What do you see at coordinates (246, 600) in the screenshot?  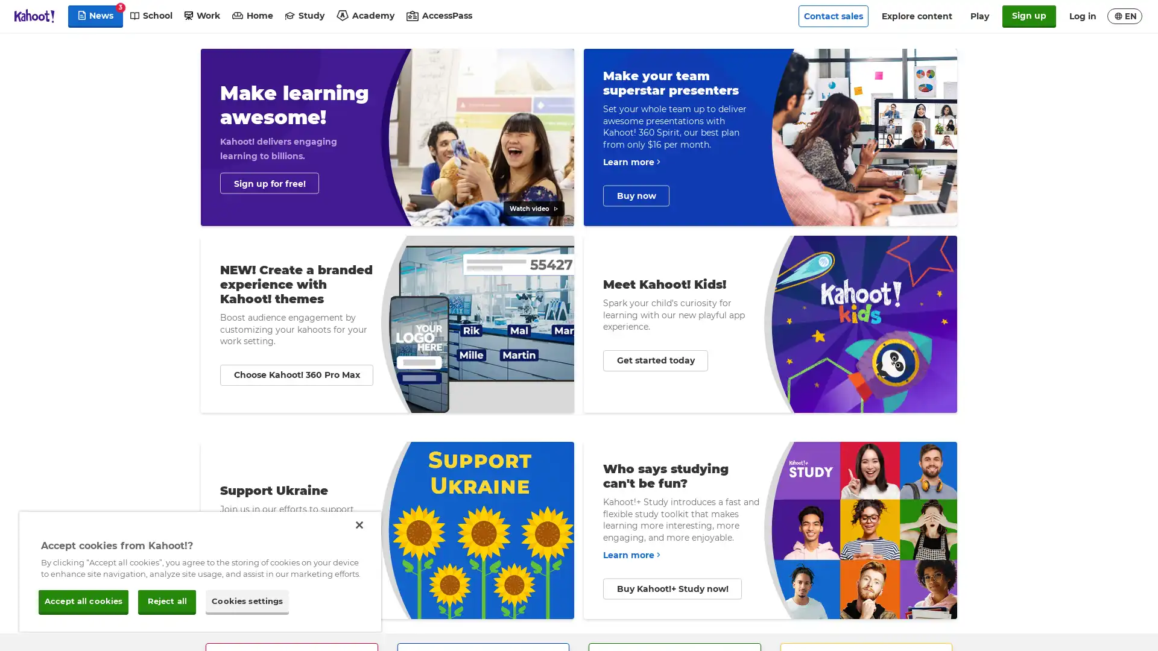 I see `Cookies settings` at bounding box center [246, 600].